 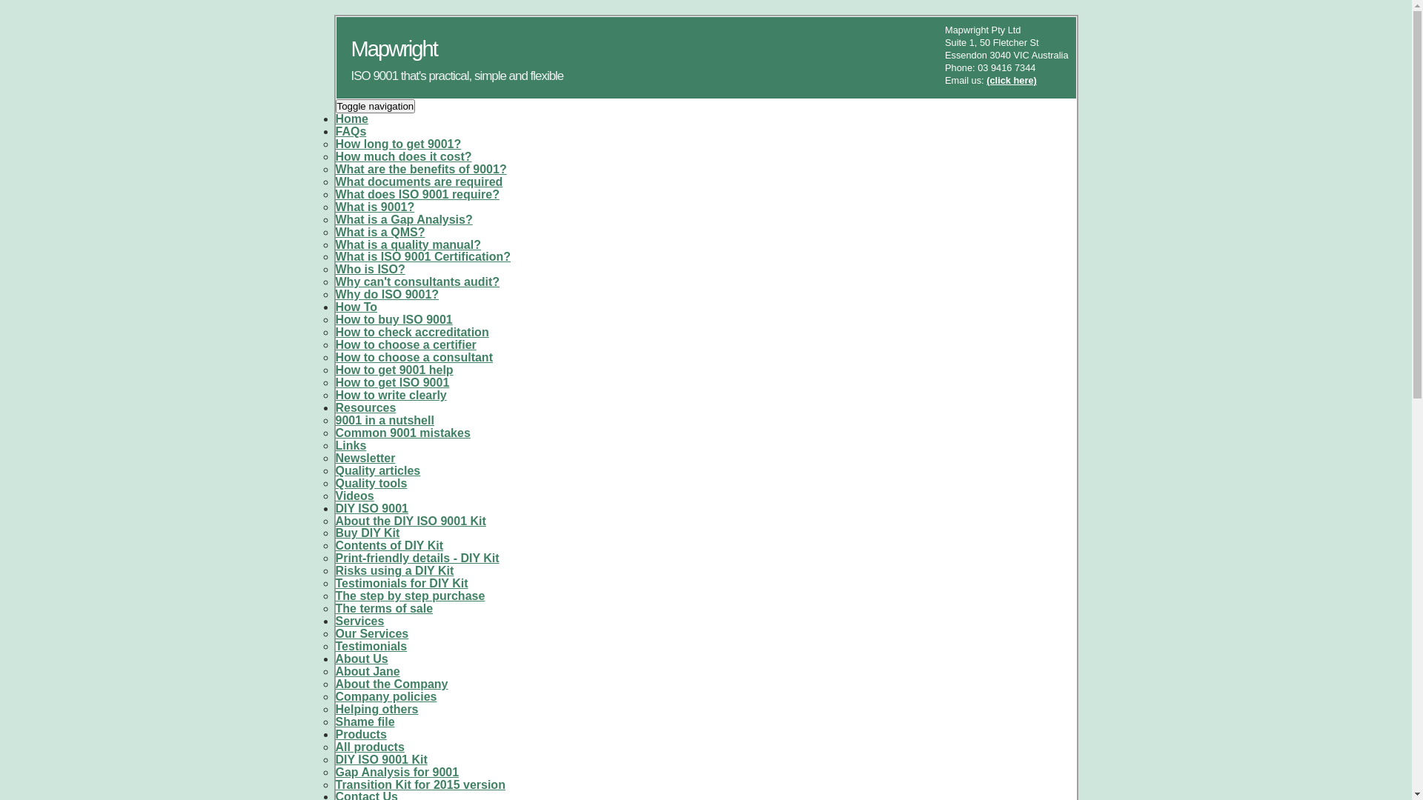 What do you see at coordinates (334, 219) in the screenshot?
I see `'What is a Gap Analysis?'` at bounding box center [334, 219].